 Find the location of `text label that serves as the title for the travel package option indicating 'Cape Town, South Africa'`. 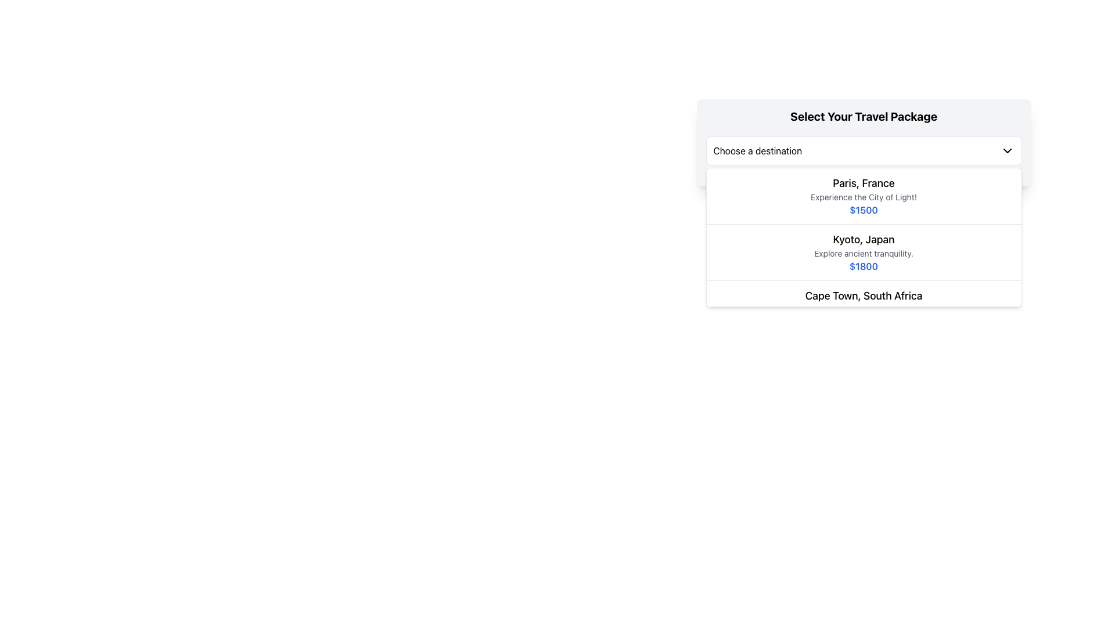

text label that serves as the title for the travel package option indicating 'Cape Town, South Africa' is located at coordinates (864, 295).